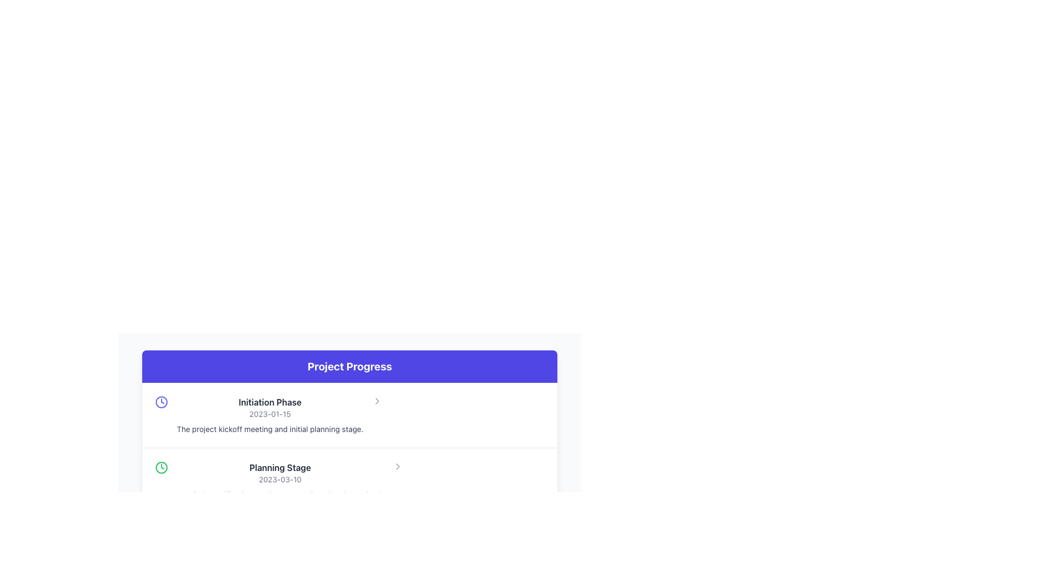  Describe the element at coordinates (161, 467) in the screenshot. I see `the green circular SVG element that represents a clock icon, which is located to the left of the text block labeled 'Planning Stage' and is the second item in the list of graphical elements` at that location.